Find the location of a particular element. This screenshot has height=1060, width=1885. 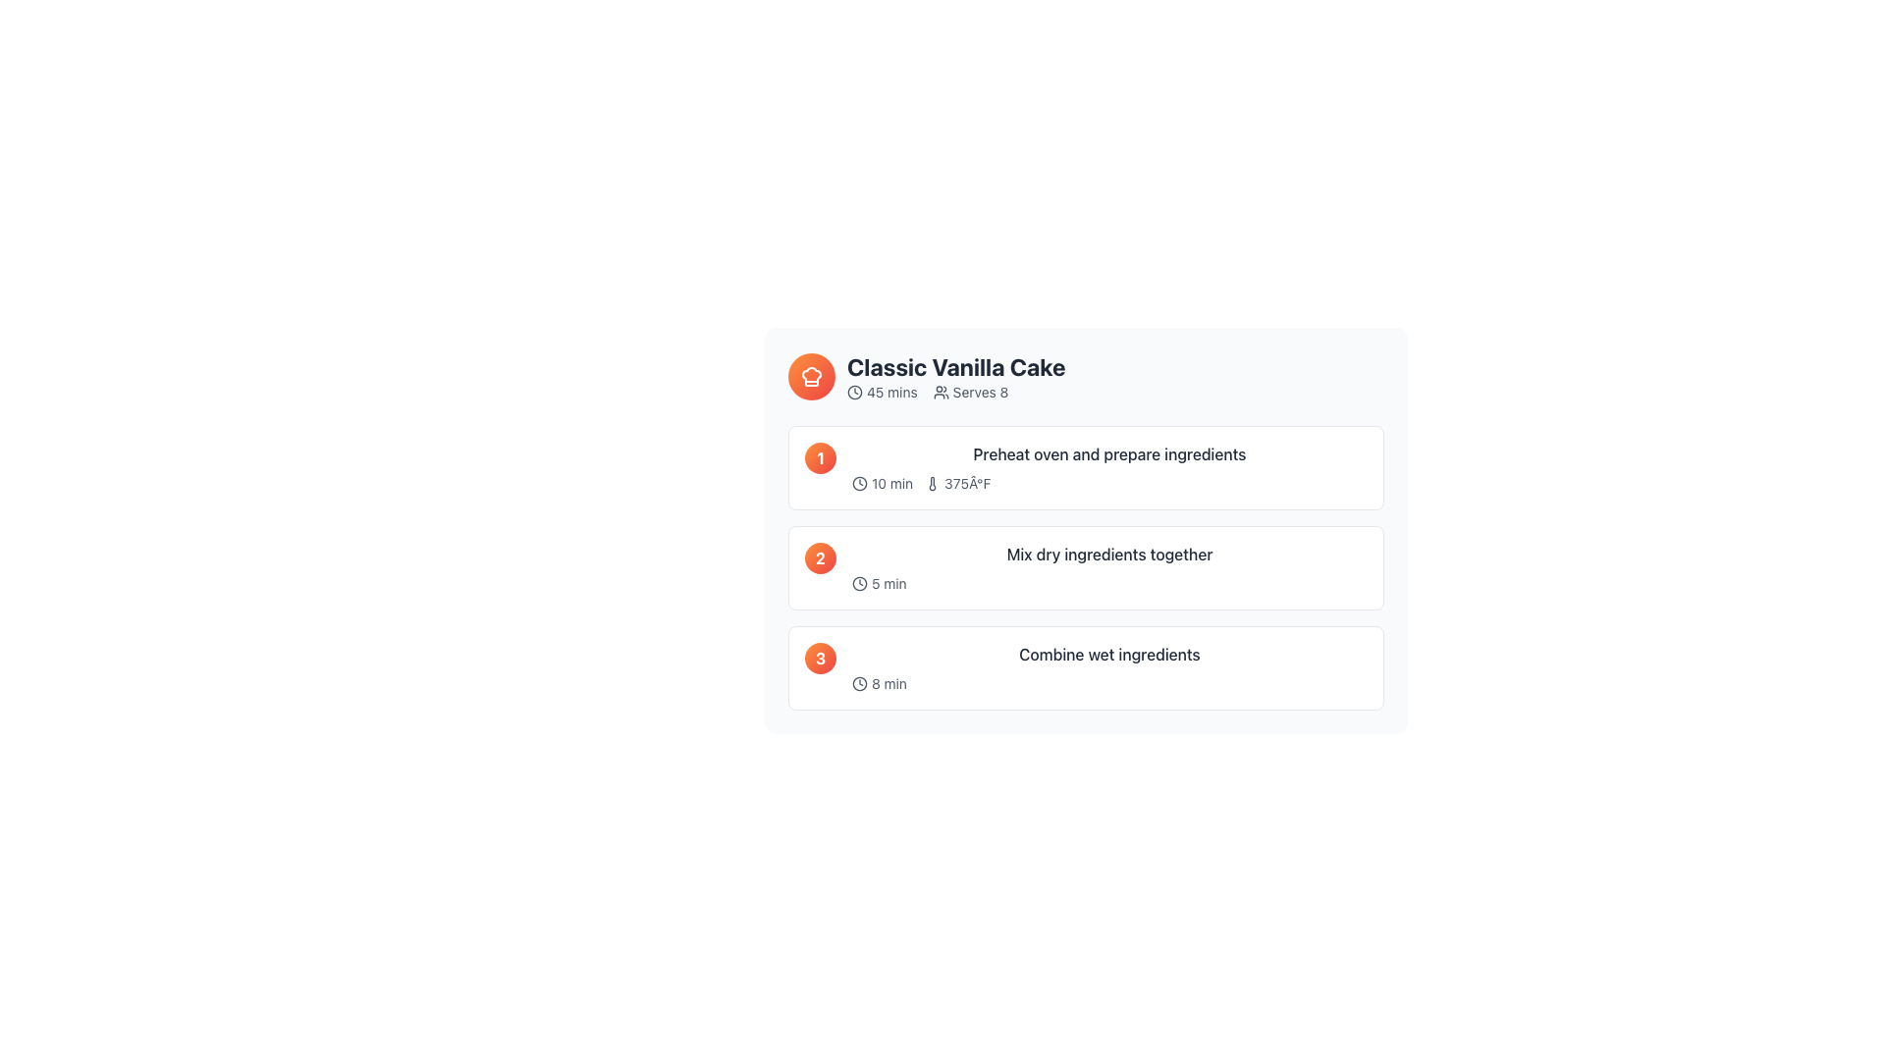

the classic thermometer icon positioned directly before the numeric text '375°F' passively is located at coordinates (932, 484).